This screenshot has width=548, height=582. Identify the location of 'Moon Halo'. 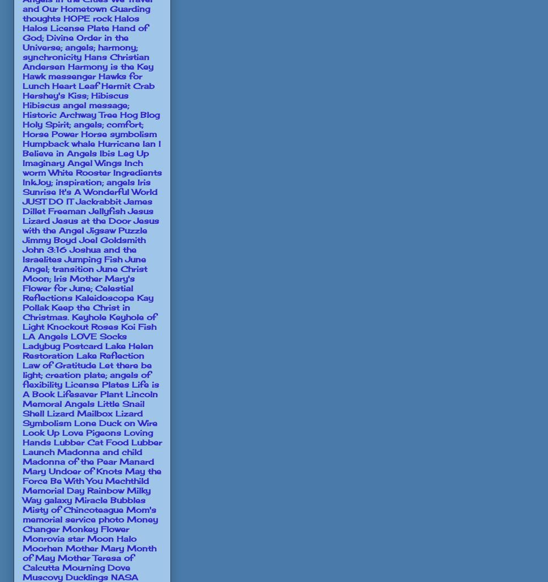
(112, 538).